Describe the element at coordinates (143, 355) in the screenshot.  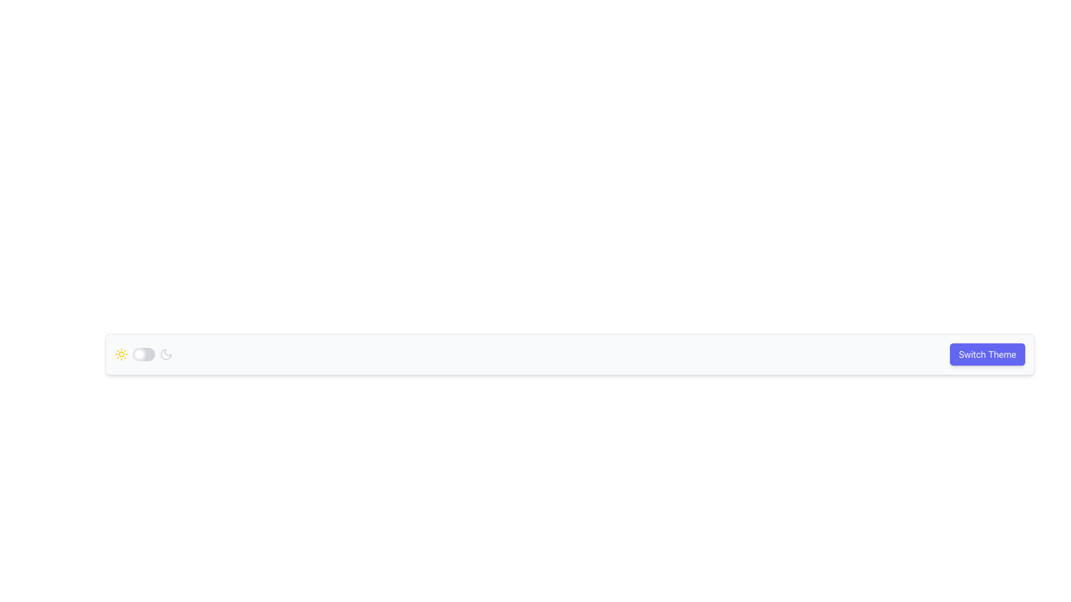
I see `the knob of the toggle switch located between the sun and moon icons` at that location.